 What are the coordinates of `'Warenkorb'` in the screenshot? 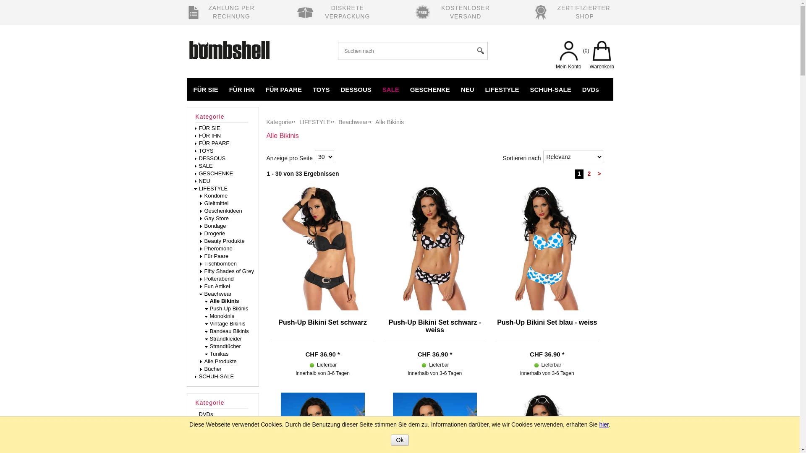 It's located at (601, 52).